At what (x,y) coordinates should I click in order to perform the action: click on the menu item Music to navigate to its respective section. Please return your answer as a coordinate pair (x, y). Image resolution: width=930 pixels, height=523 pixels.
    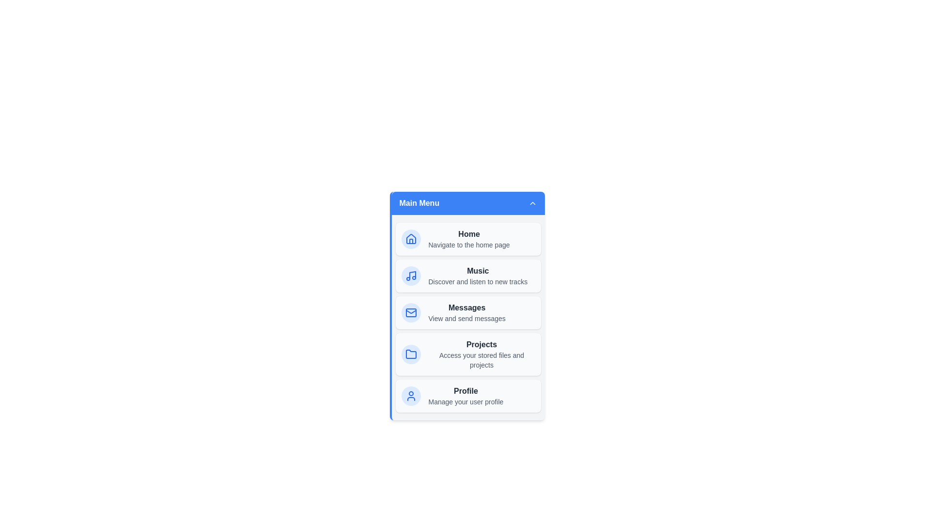
    Looking at the image, I should click on (468, 276).